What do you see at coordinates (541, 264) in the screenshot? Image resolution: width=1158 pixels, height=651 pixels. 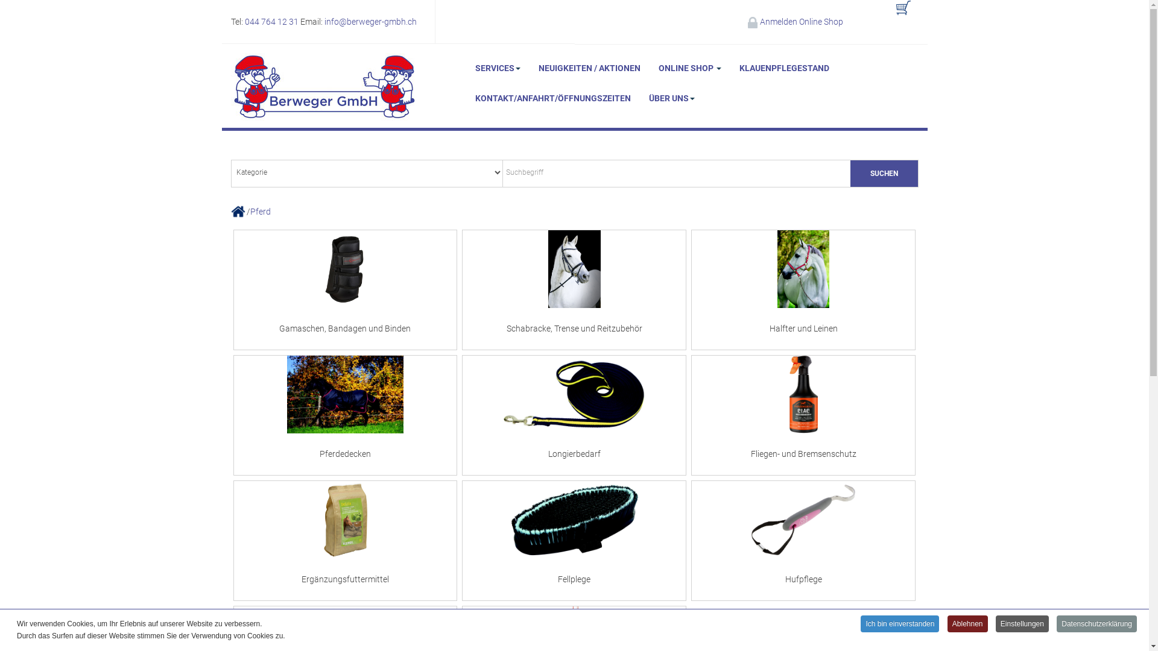 I see `'1'` at bounding box center [541, 264].